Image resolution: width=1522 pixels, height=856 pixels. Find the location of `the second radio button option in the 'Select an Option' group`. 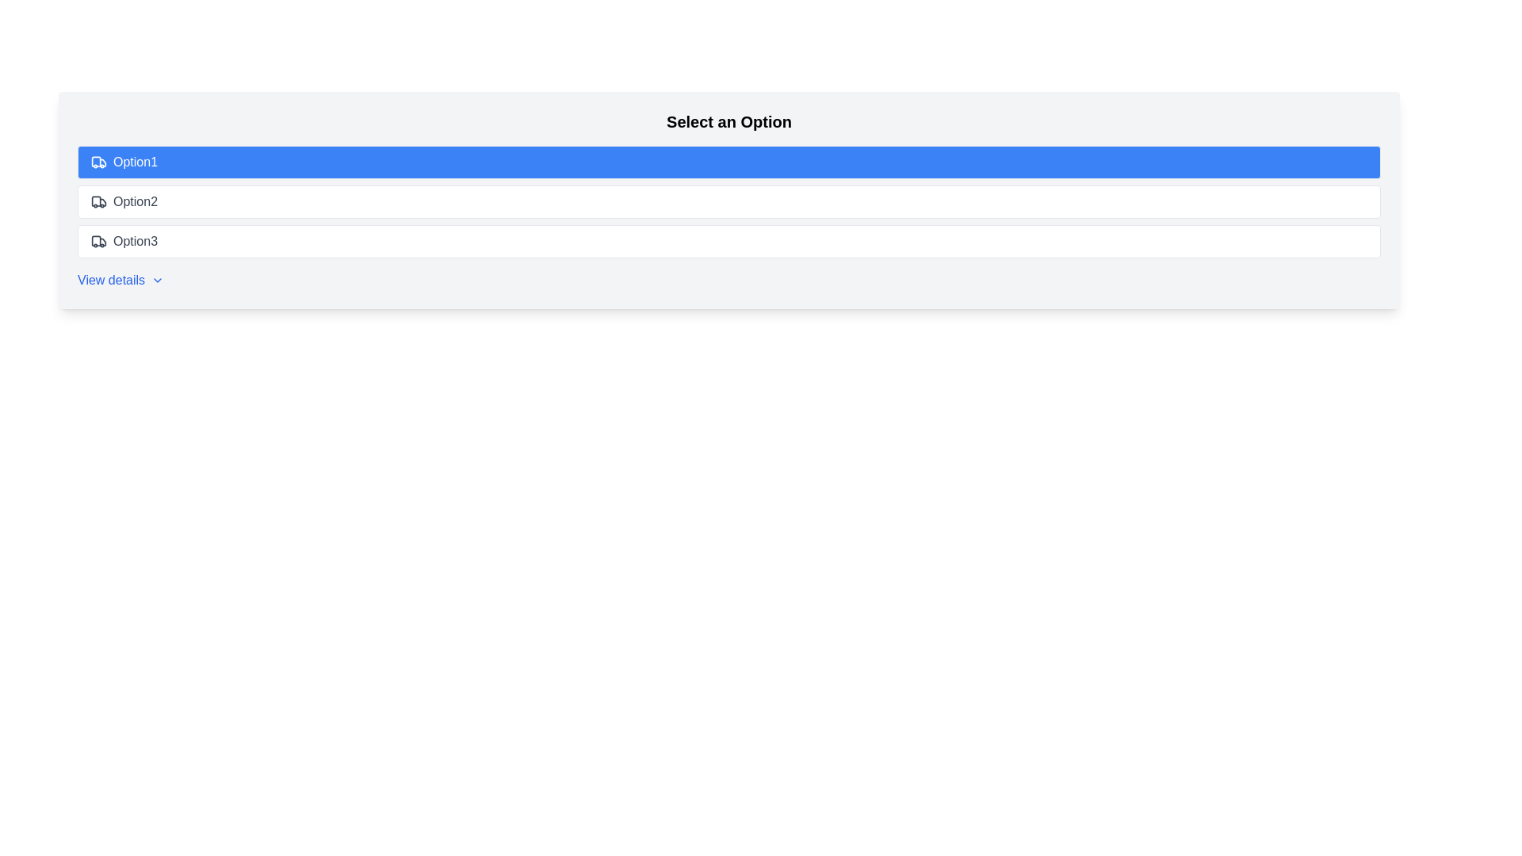

the second radio button option in the 'Select an Option' group is located at coordinates (728, 201).